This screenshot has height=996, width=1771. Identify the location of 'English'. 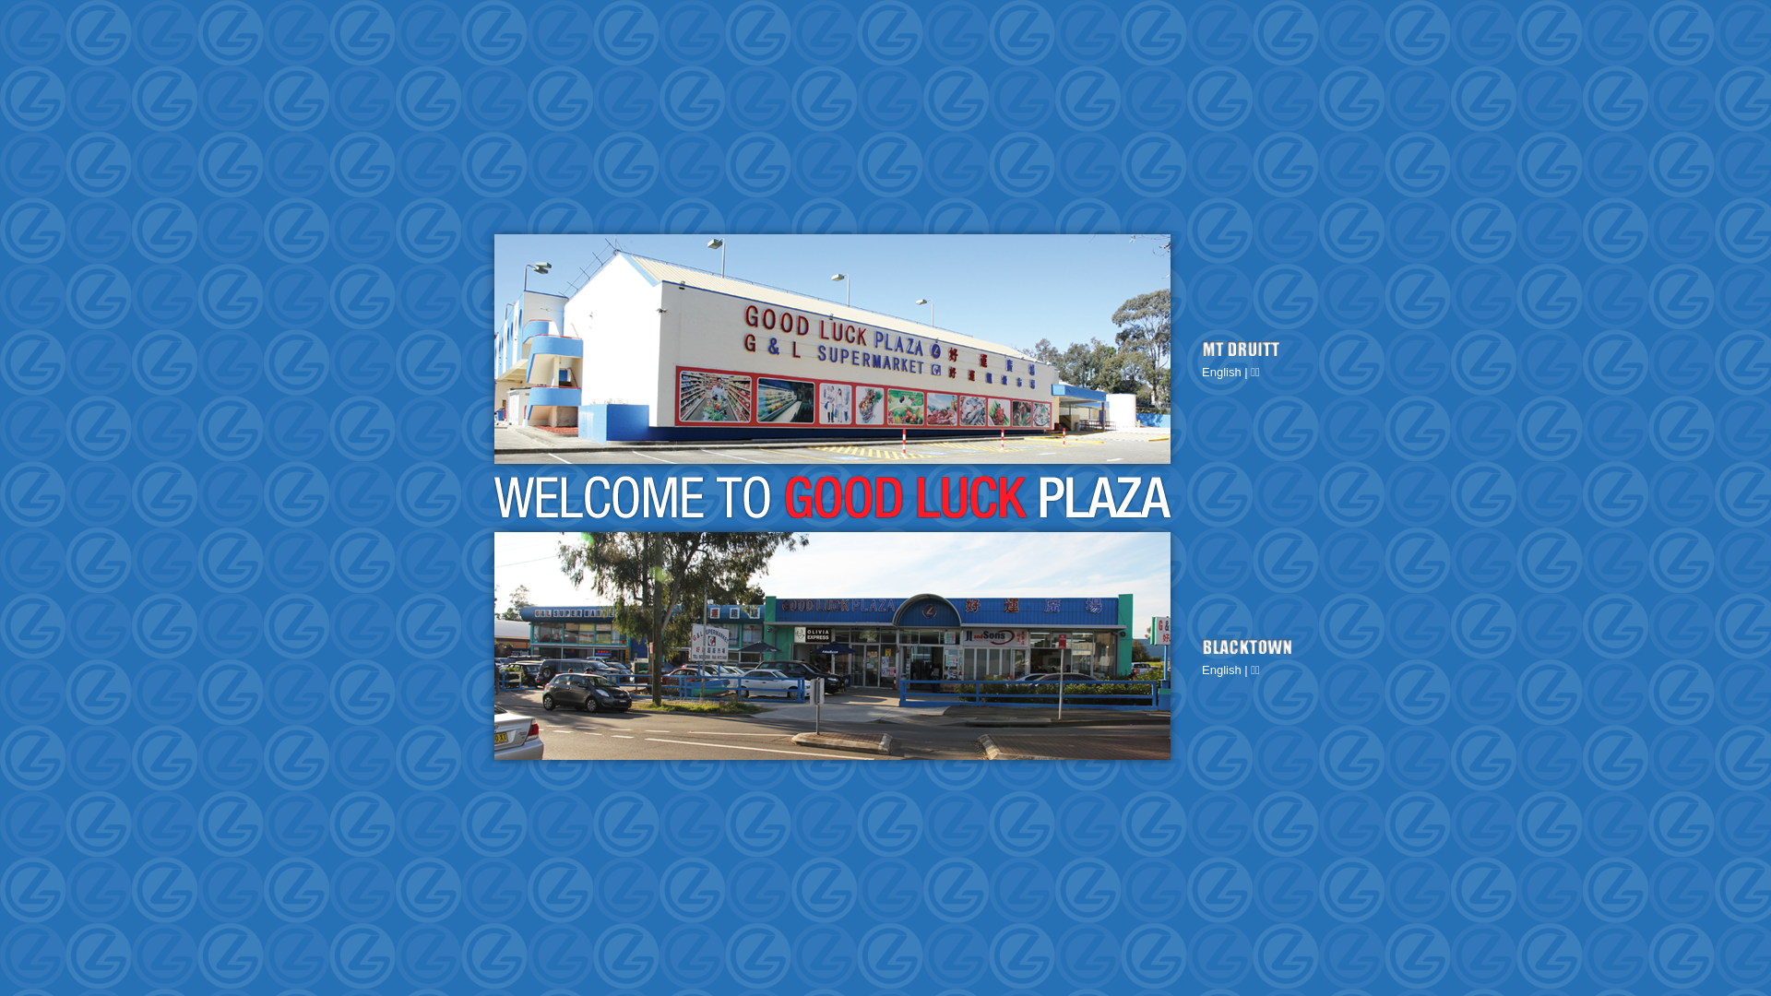
(1221, 670).